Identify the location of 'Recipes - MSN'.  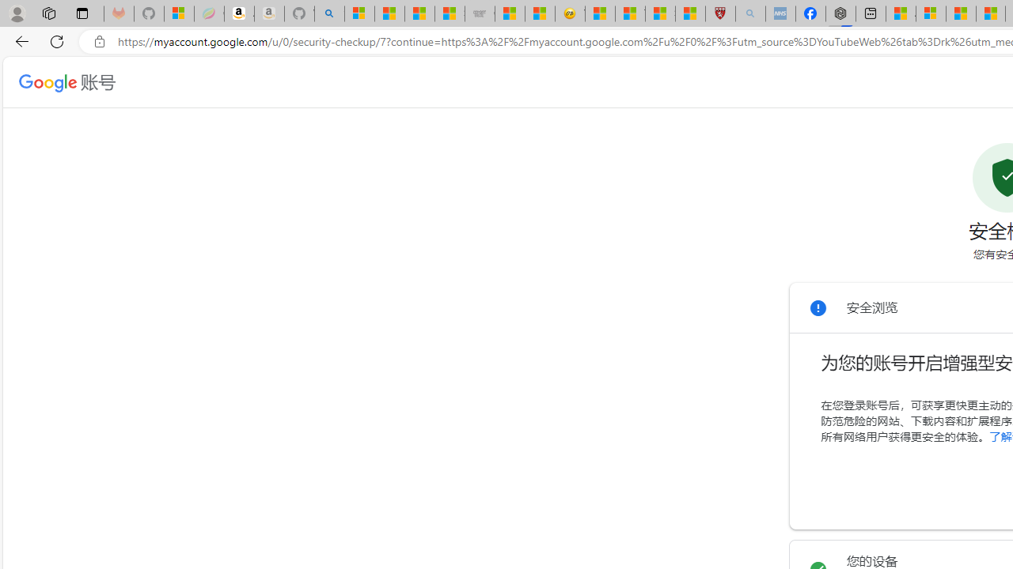
(599, 13).